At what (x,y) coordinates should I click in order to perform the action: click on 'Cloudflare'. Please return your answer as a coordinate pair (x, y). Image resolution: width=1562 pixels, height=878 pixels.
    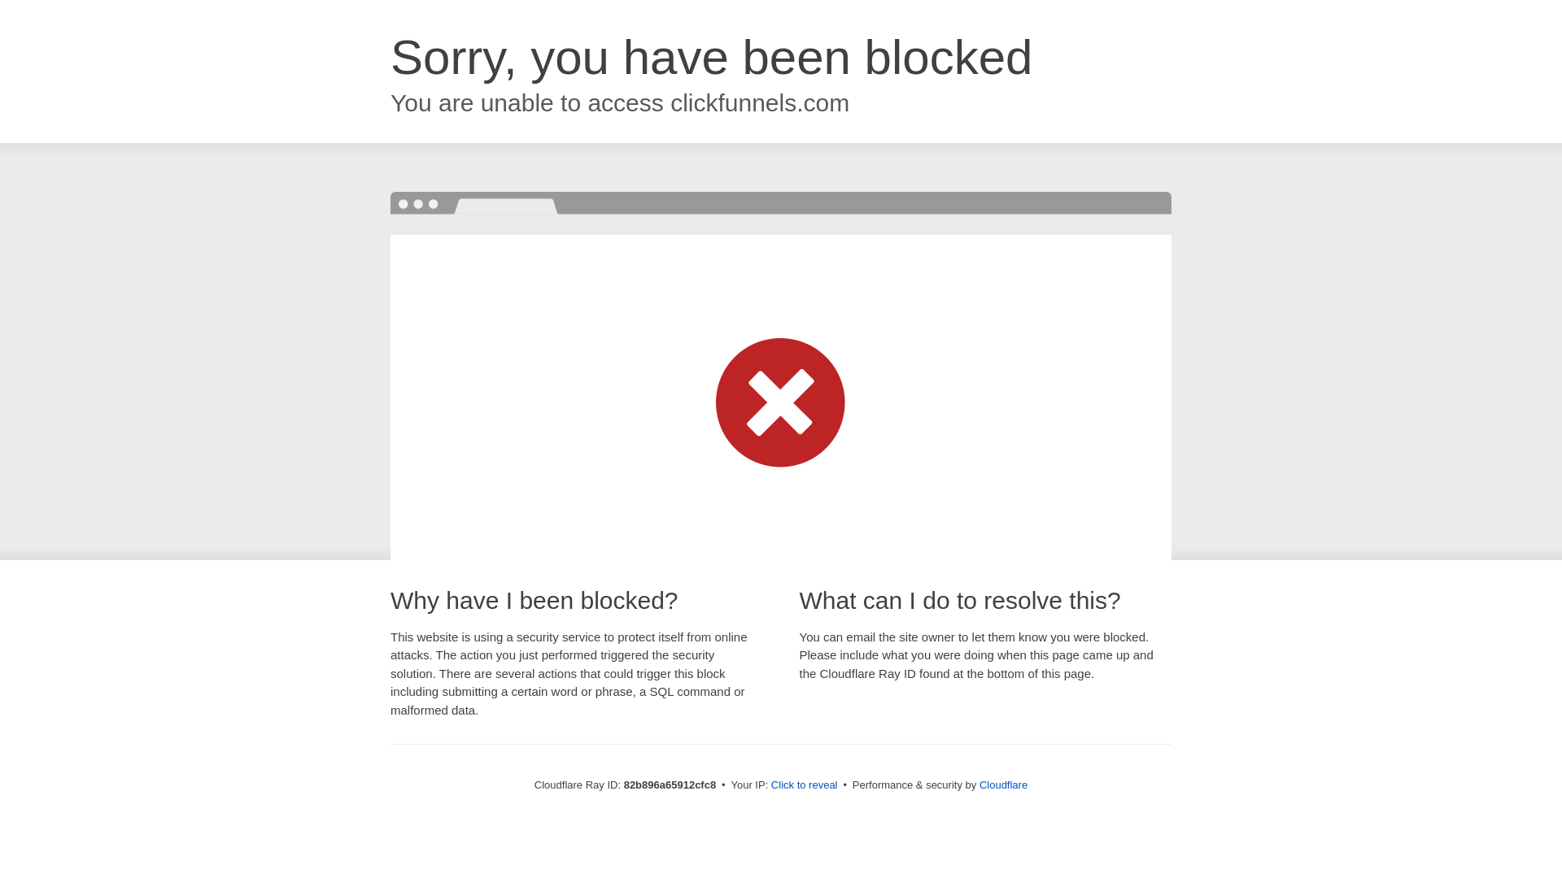
    Looking at the image, I should click on (1002, 784).